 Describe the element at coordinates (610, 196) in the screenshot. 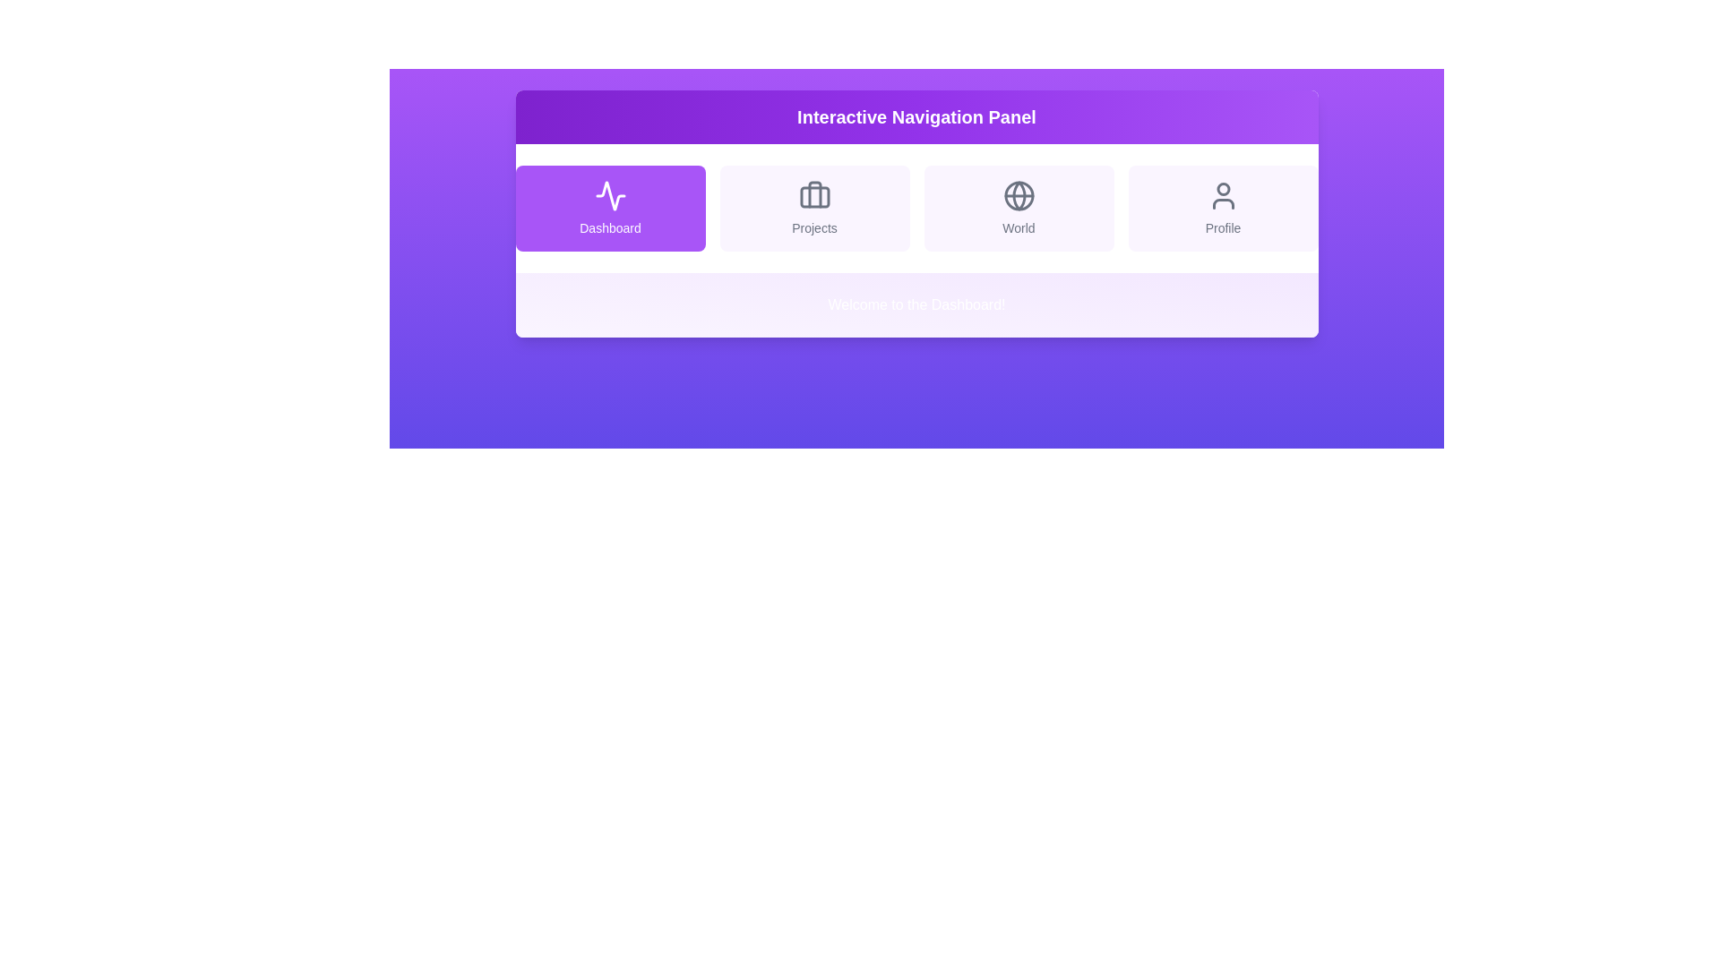

I see `the 'Dashboard' icon located at the top of the navigation panel` at that location.